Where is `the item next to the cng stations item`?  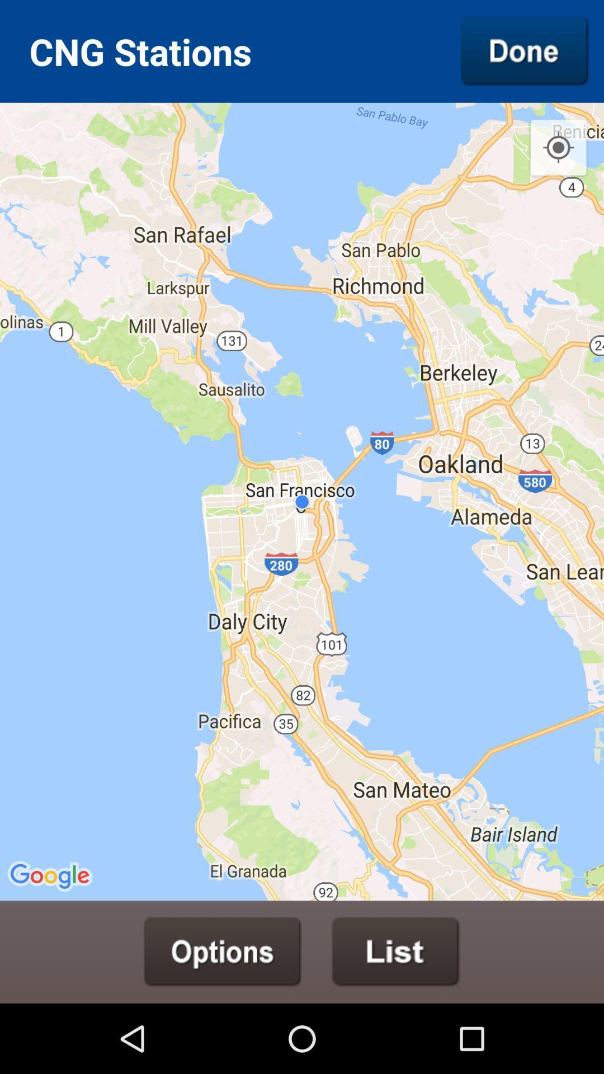 the item next to the cng stations item is located at coordinates (525, 50).